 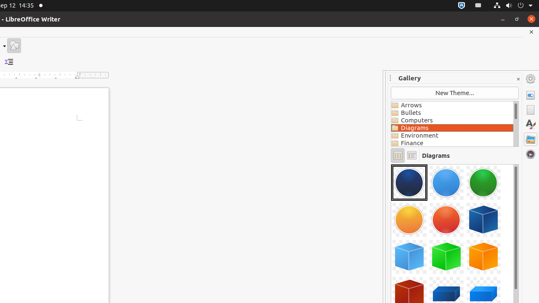 What do you see at coordinates (397, 155) in the screenshot?
I see `'Icon View'` at bounding box center [397, 155].